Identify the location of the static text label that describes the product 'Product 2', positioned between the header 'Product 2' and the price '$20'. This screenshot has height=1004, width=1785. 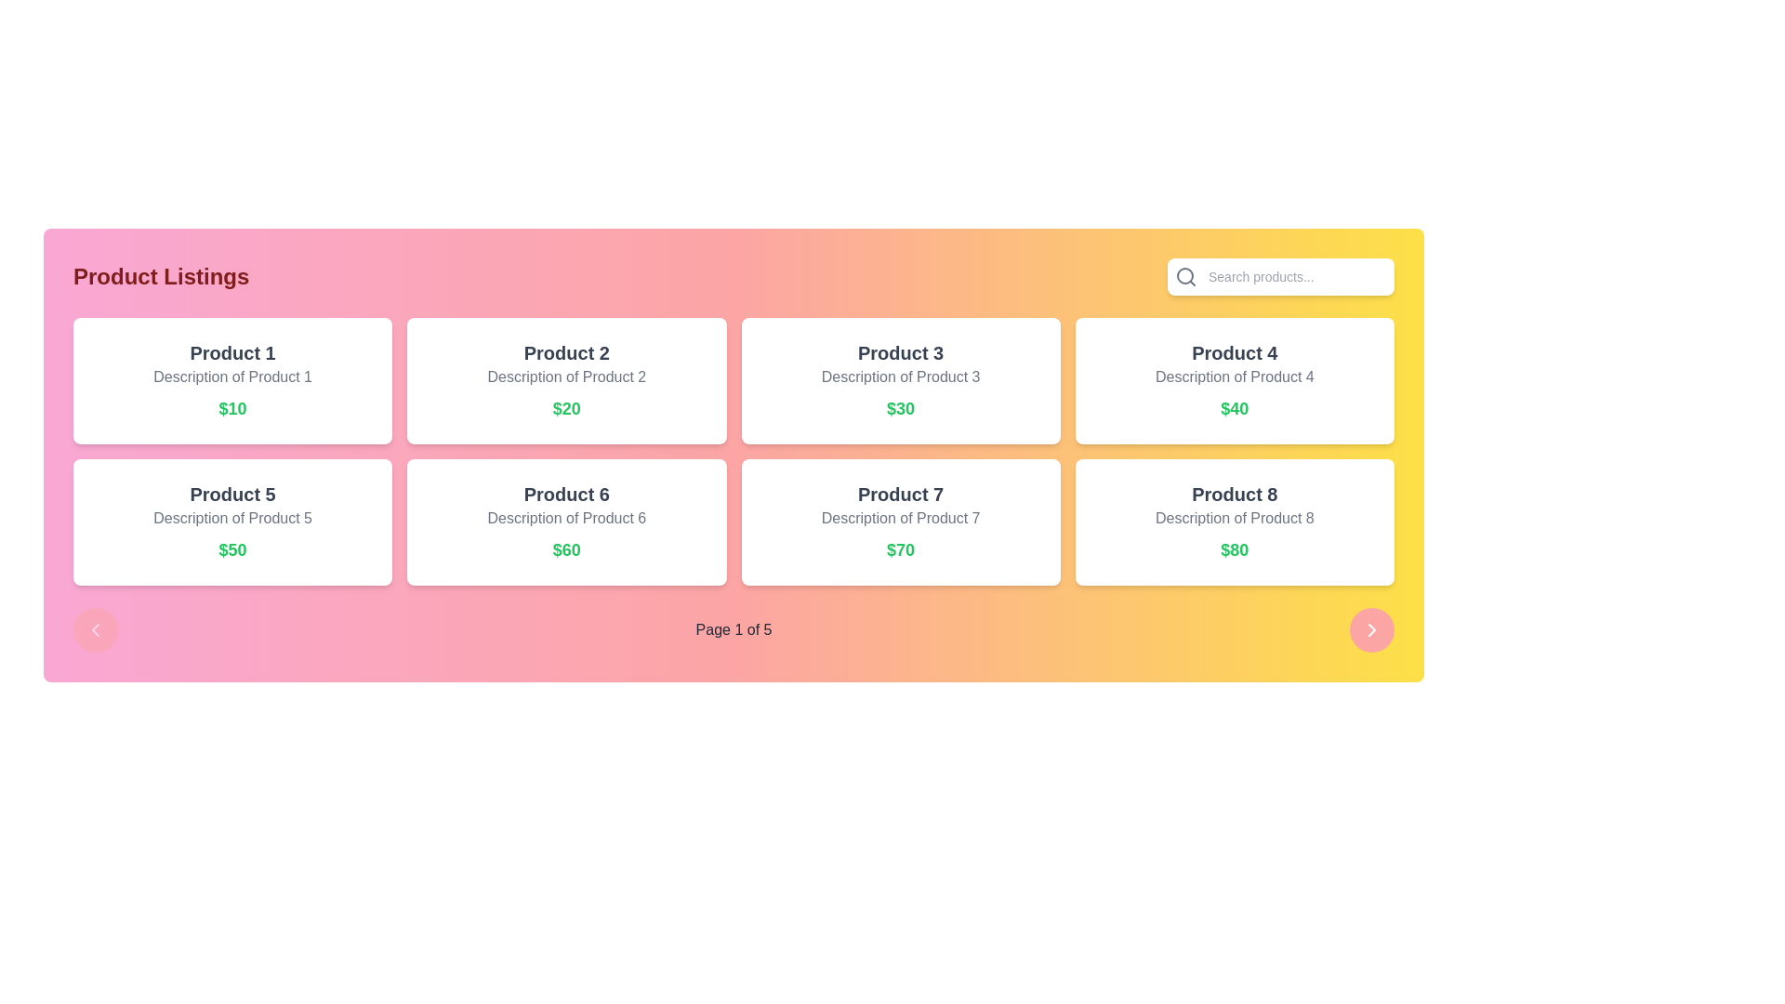
(565, 376).